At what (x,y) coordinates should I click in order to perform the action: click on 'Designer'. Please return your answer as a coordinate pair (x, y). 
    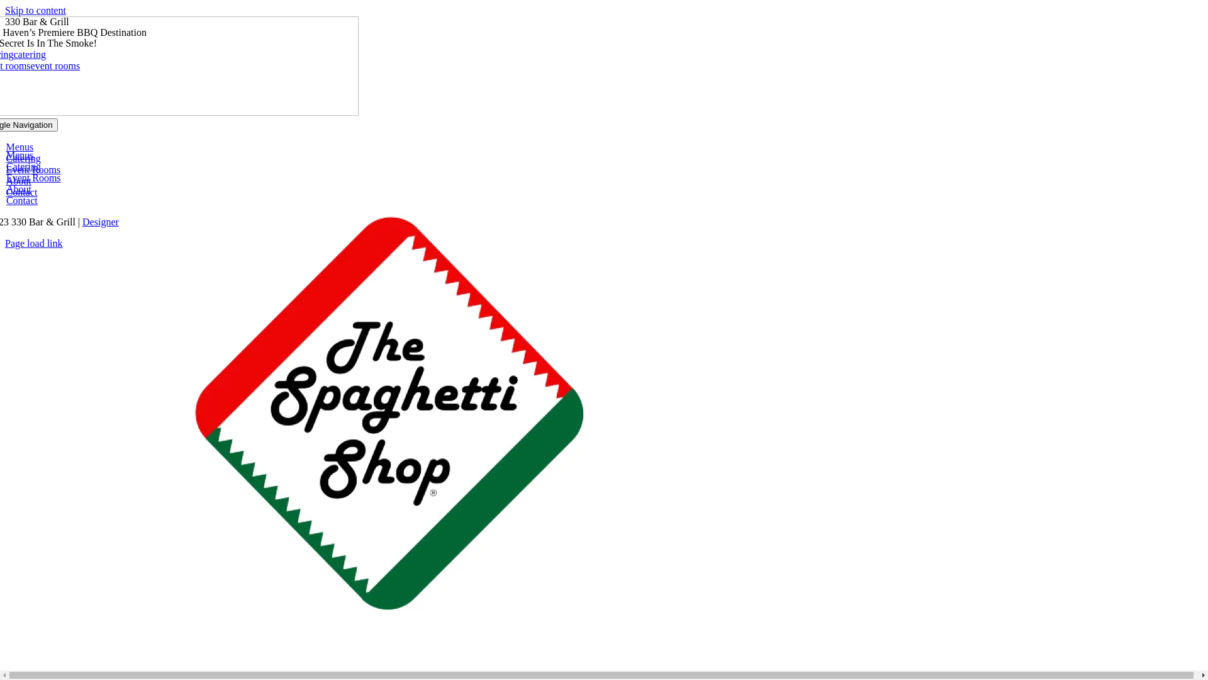
    Looking at the image, I should click on (99, 221).